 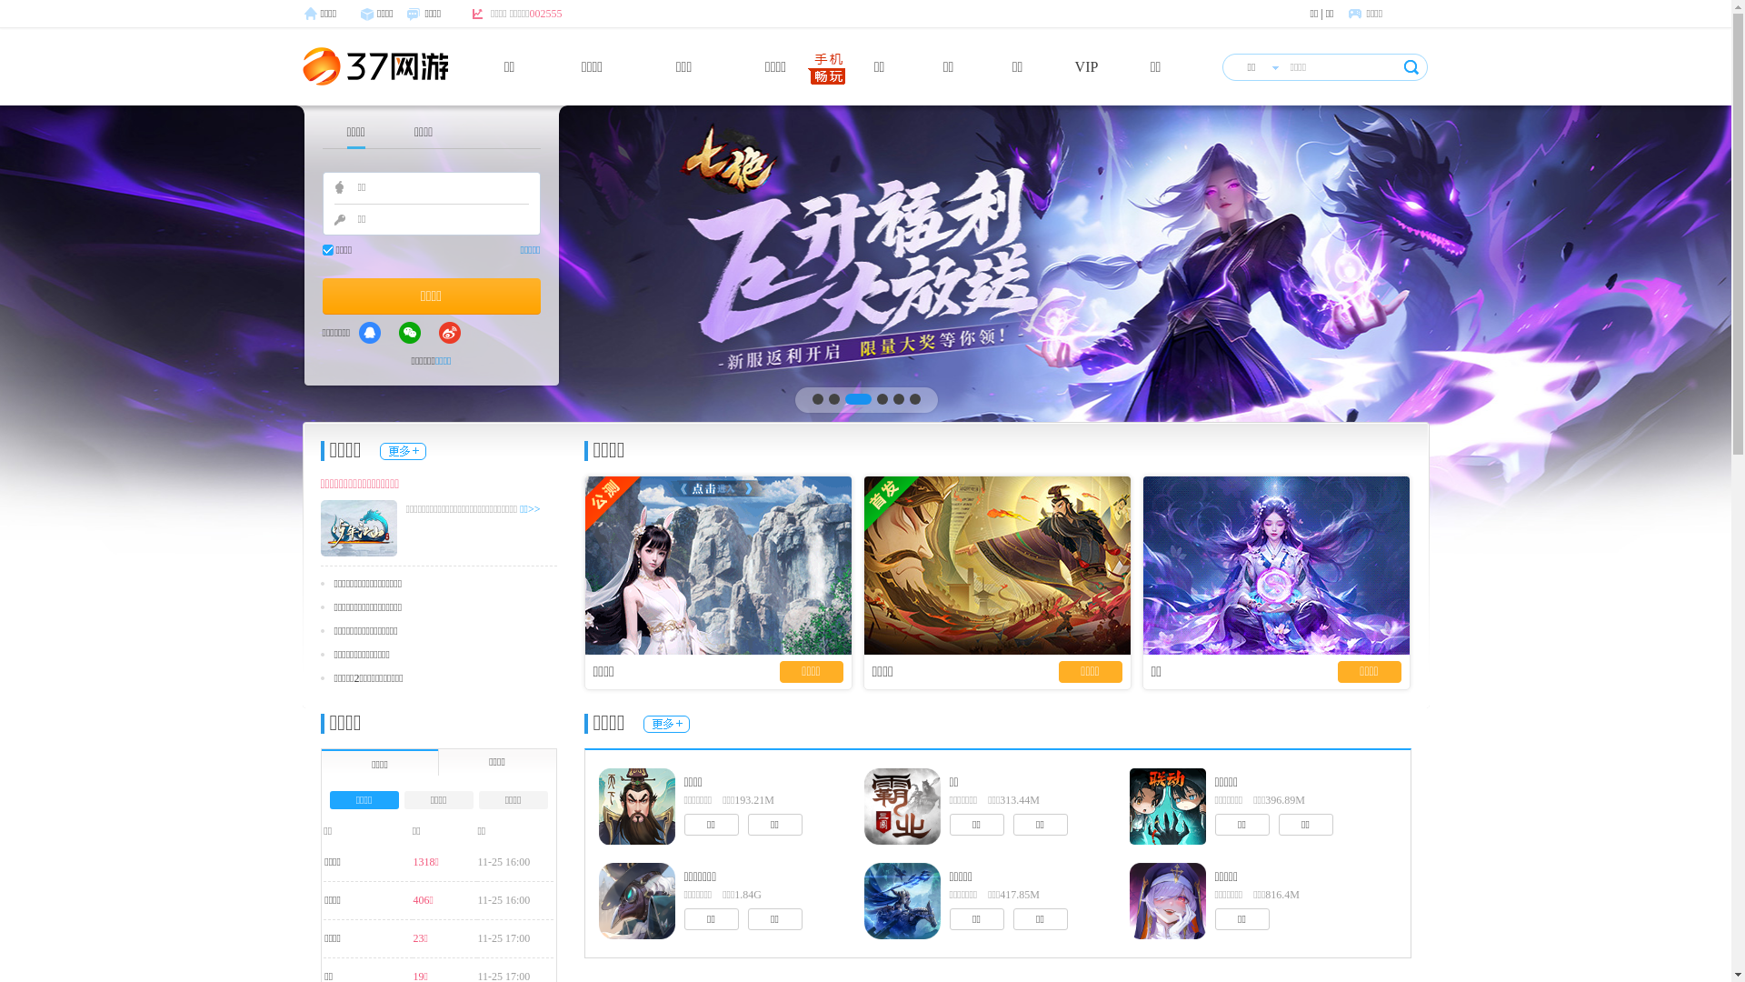 What do you see at coordinates (1086, 65) in the screenshot?
I see `'VIP'` at bounding box center [1086, 65].